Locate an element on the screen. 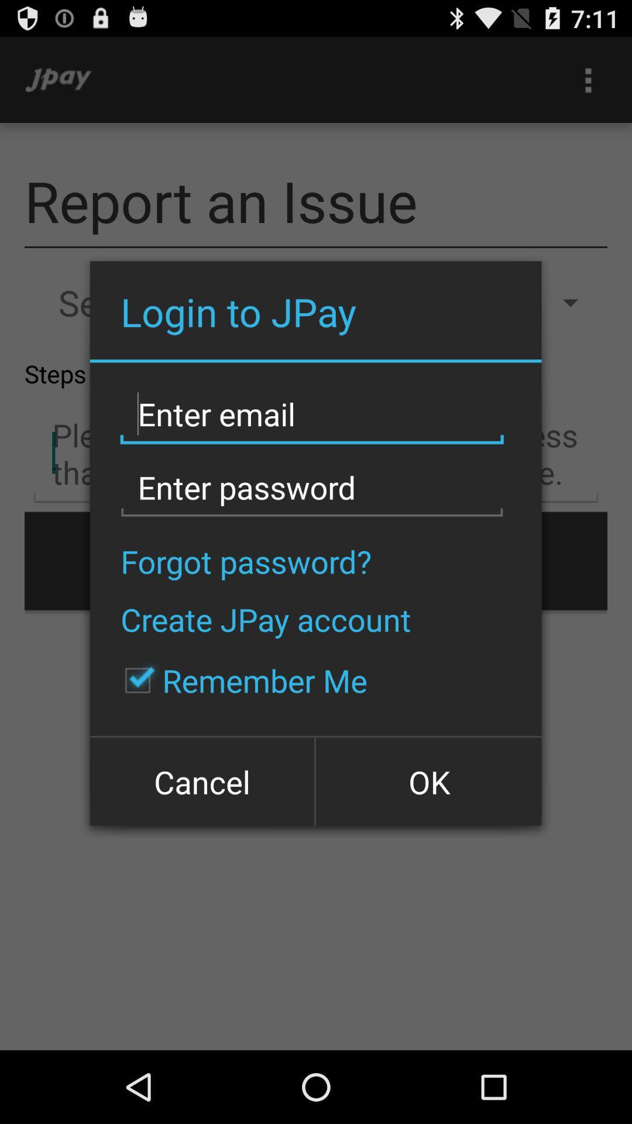 Image resolution: width=632 pixels, height=1124 pixels. the forgot password? icon is located at coordinates (245, 560).